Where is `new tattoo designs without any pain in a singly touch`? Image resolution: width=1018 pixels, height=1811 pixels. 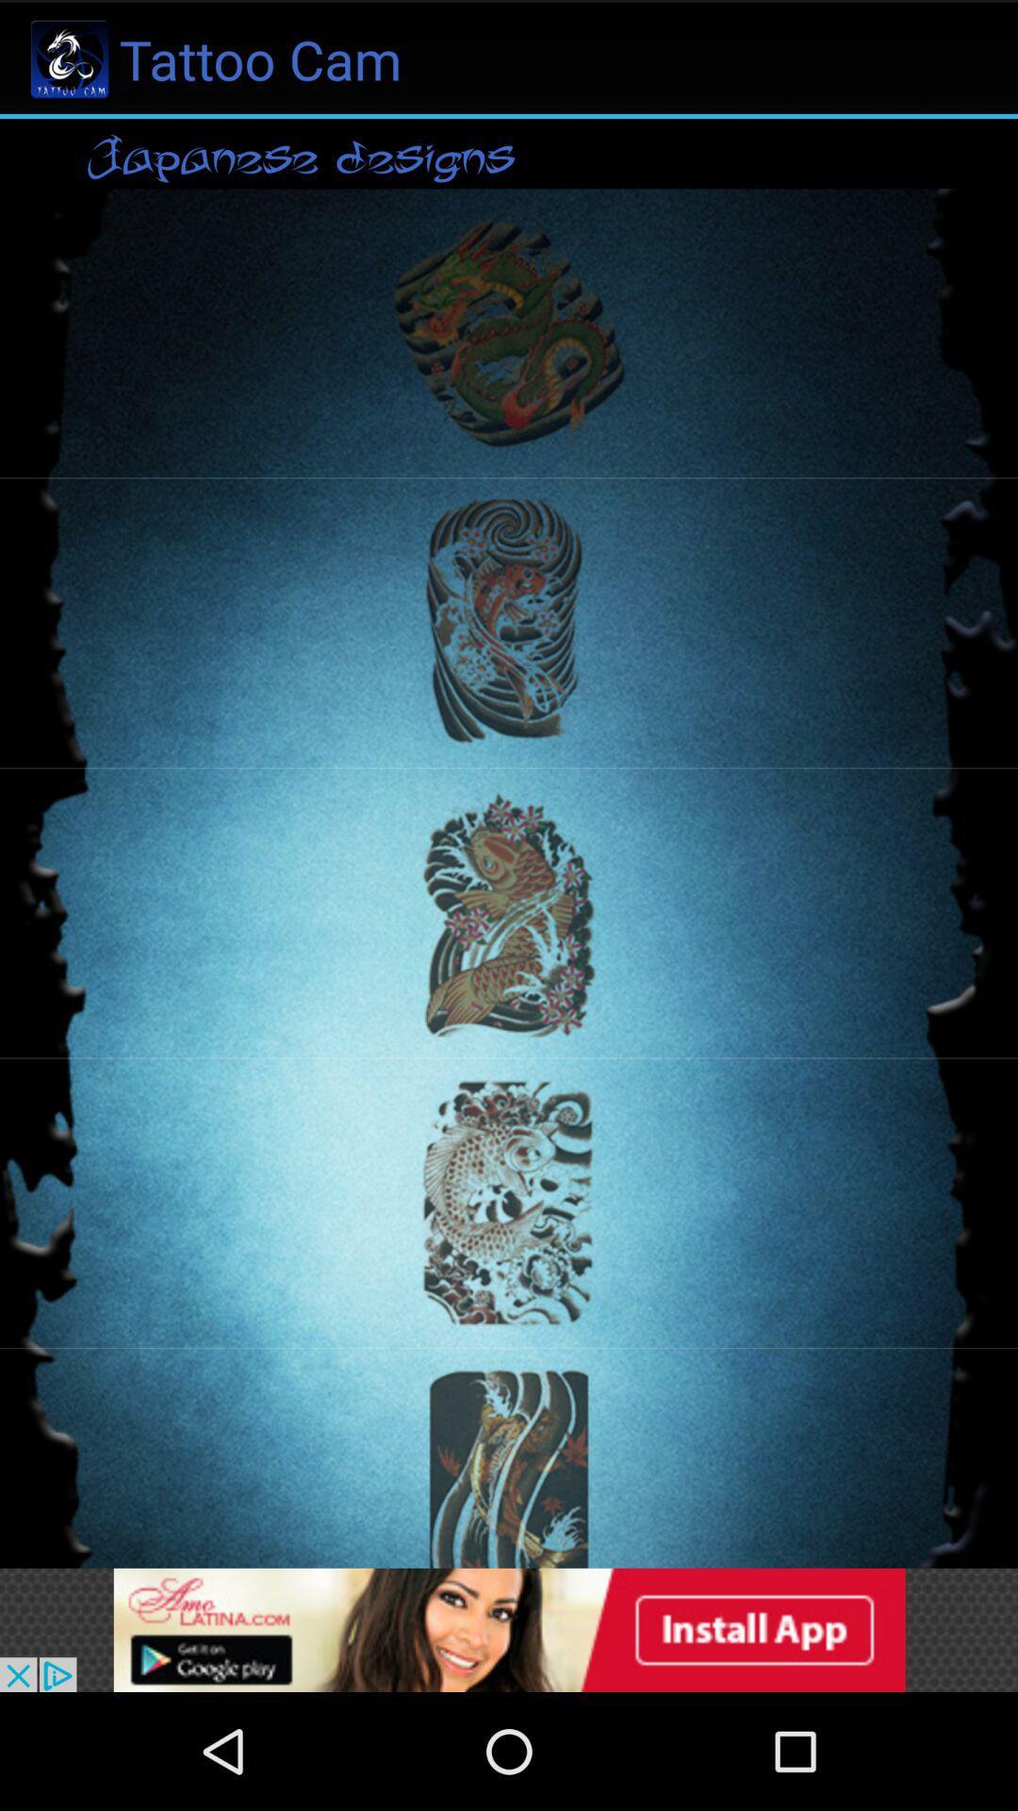 new tattoo designs without any pain in a singly touch is located at coordinates (509, 1629).